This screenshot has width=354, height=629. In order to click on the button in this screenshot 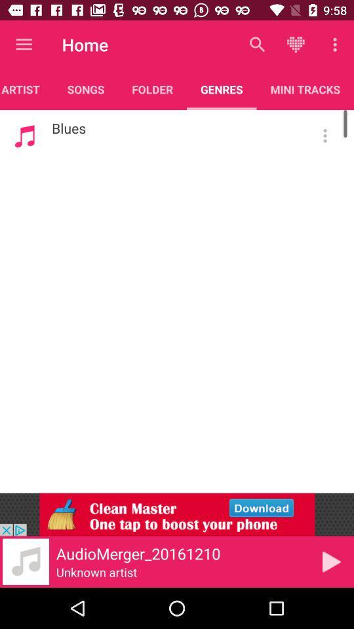, I will do `click(324, 136)`.